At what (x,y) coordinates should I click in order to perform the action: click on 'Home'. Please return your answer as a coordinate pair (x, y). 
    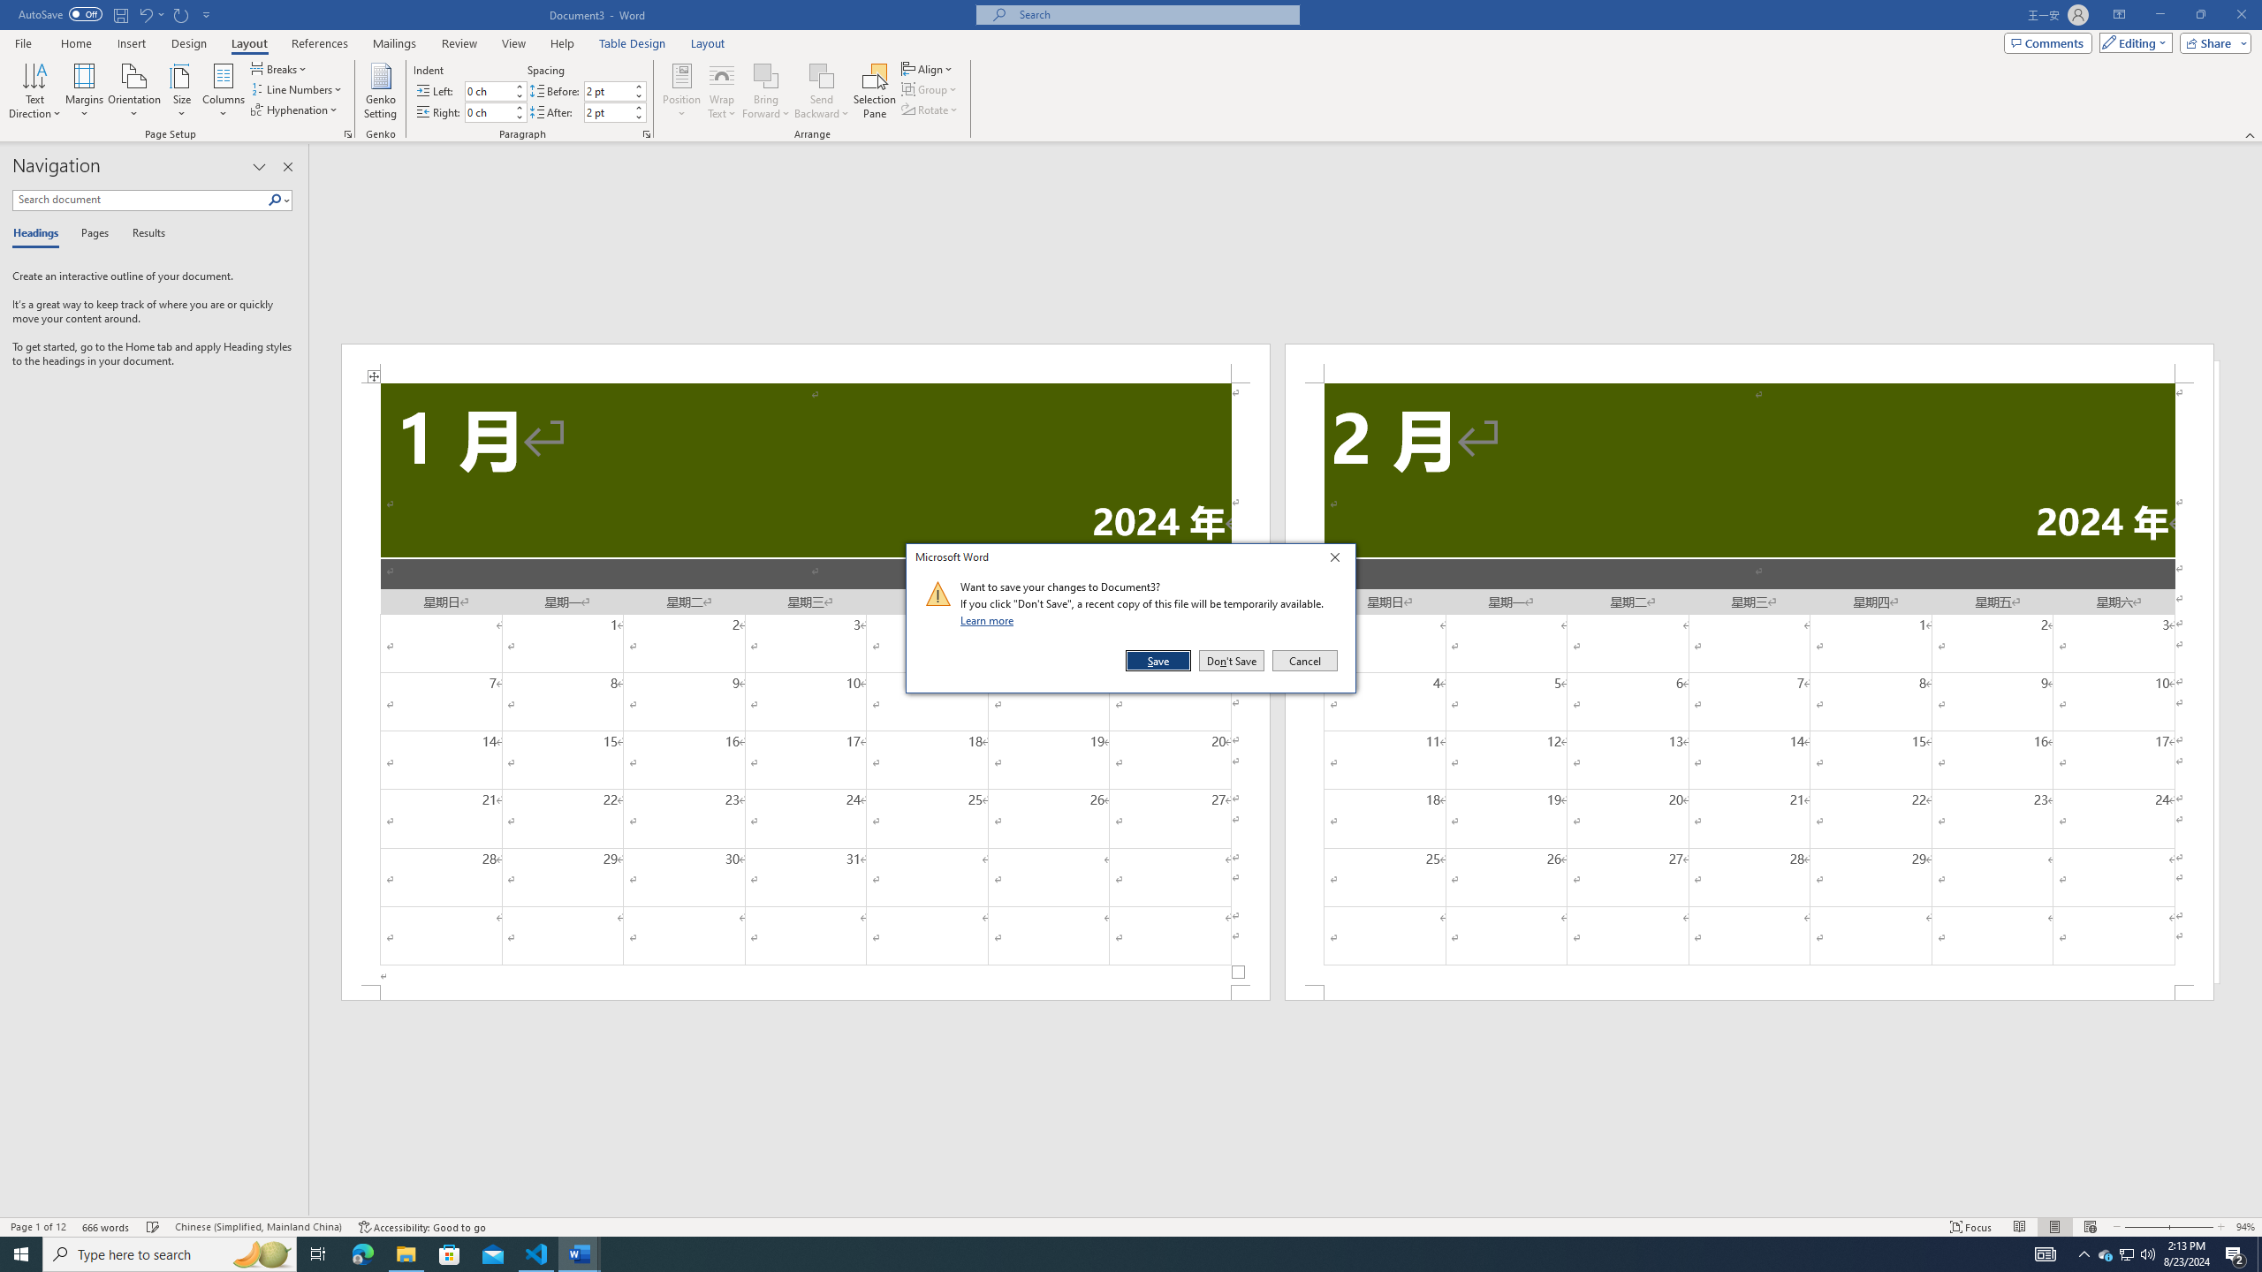
    Looking at the image, I should click on (75, 43).